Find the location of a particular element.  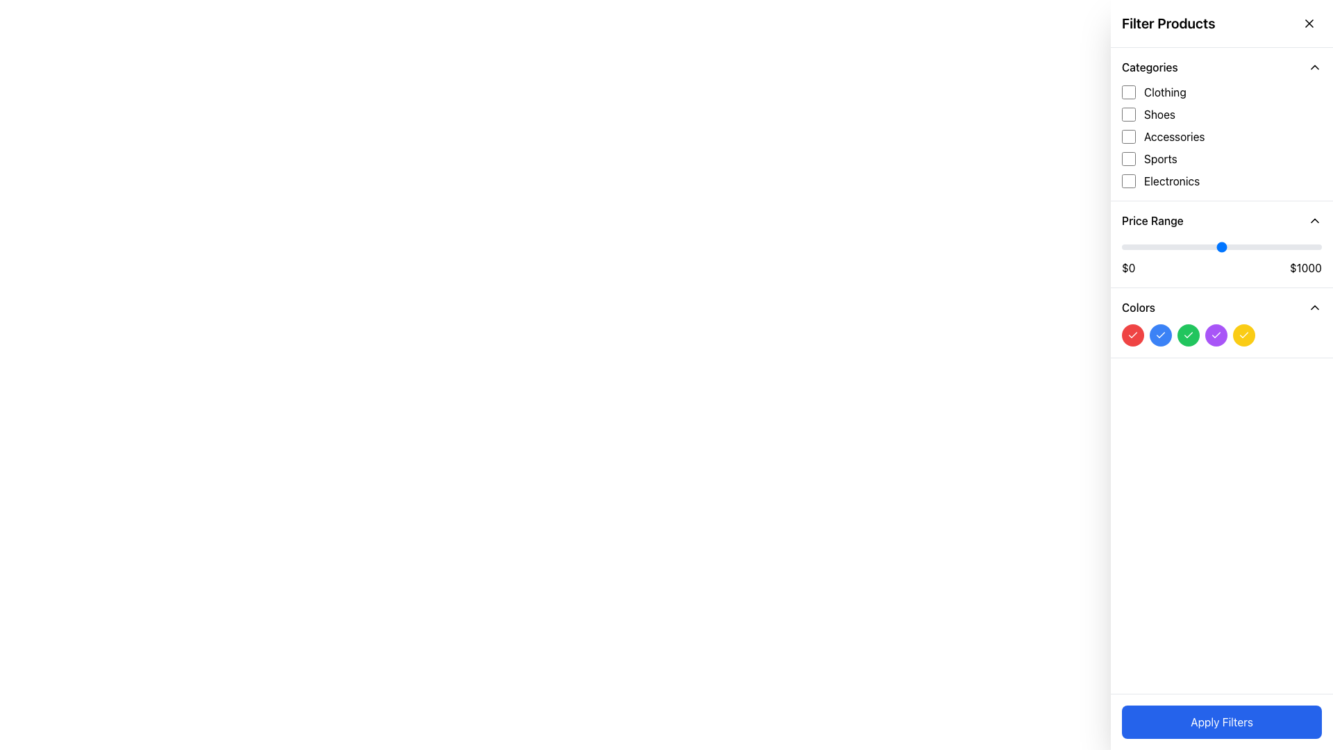

the circular green button with a white checkmark icon located in the 'Colors' section of the 'Filter Products' panel is located at coordinates (1188, 335).